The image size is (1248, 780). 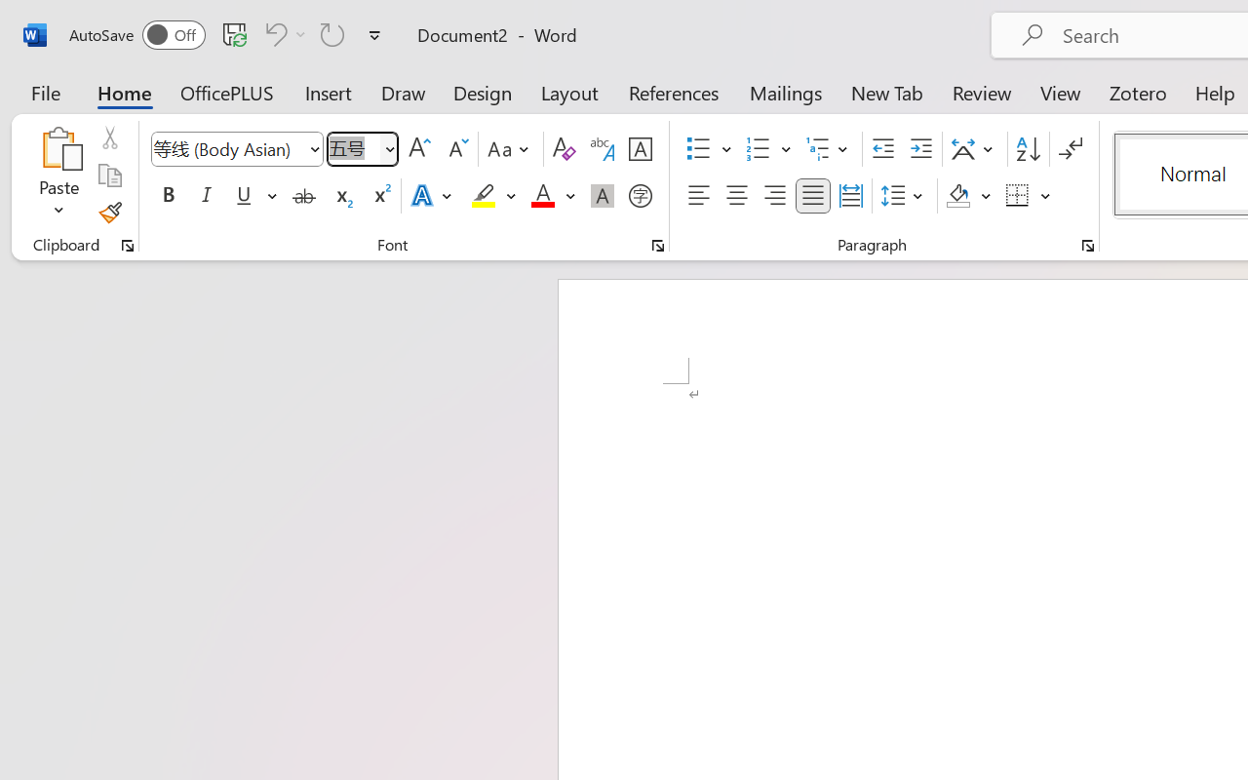 I want to click on 'Show/Hide Editing Marks', so click(x=1070, y=149).